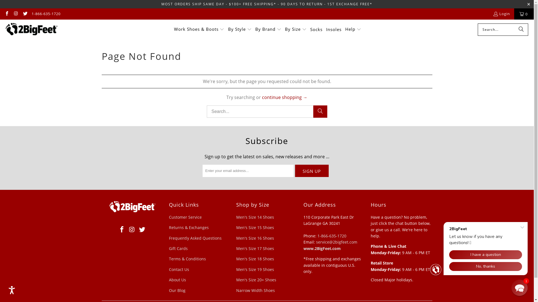  Describe the element at coordinates (31, 29) in the screenshot. I see `'2BigFeet'` at that location.